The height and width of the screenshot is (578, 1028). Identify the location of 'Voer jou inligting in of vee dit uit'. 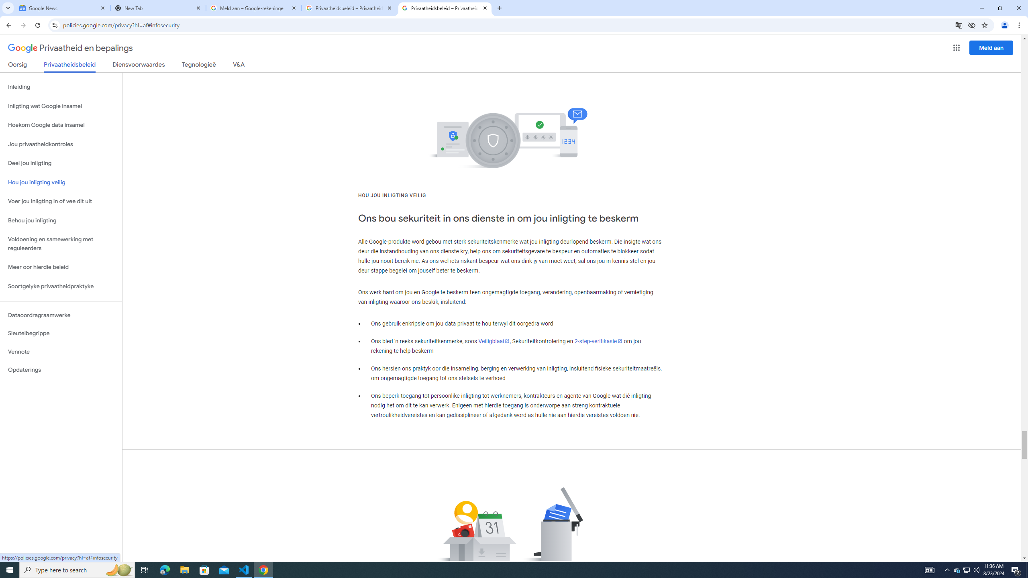
(61, 201).